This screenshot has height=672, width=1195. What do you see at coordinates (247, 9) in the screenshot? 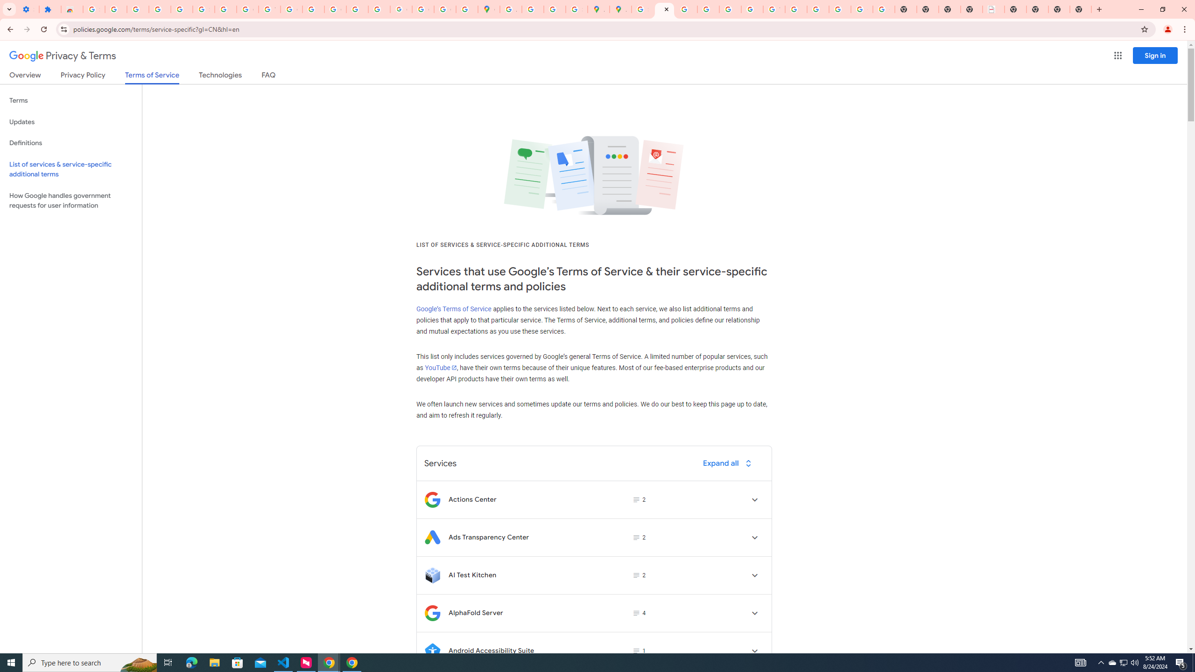
I see `'Google Account'` at bounding box center [247, 9].